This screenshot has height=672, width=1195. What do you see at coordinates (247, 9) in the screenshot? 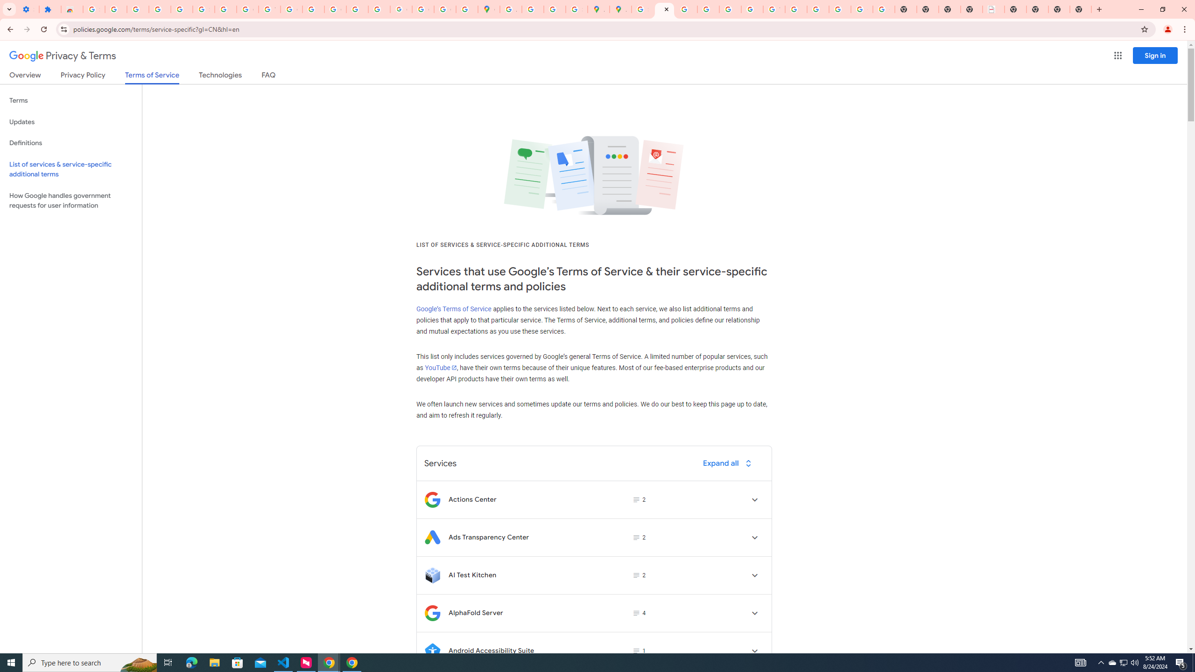
I see `'Google Account'` at bounding box center [247, 9].